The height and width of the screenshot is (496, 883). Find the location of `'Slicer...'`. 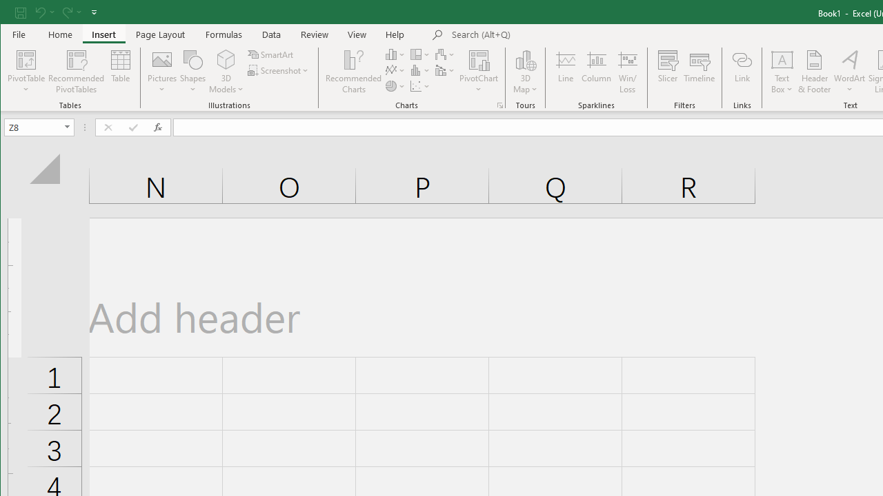

'Slicer...' is located at coordinates (668, 72).